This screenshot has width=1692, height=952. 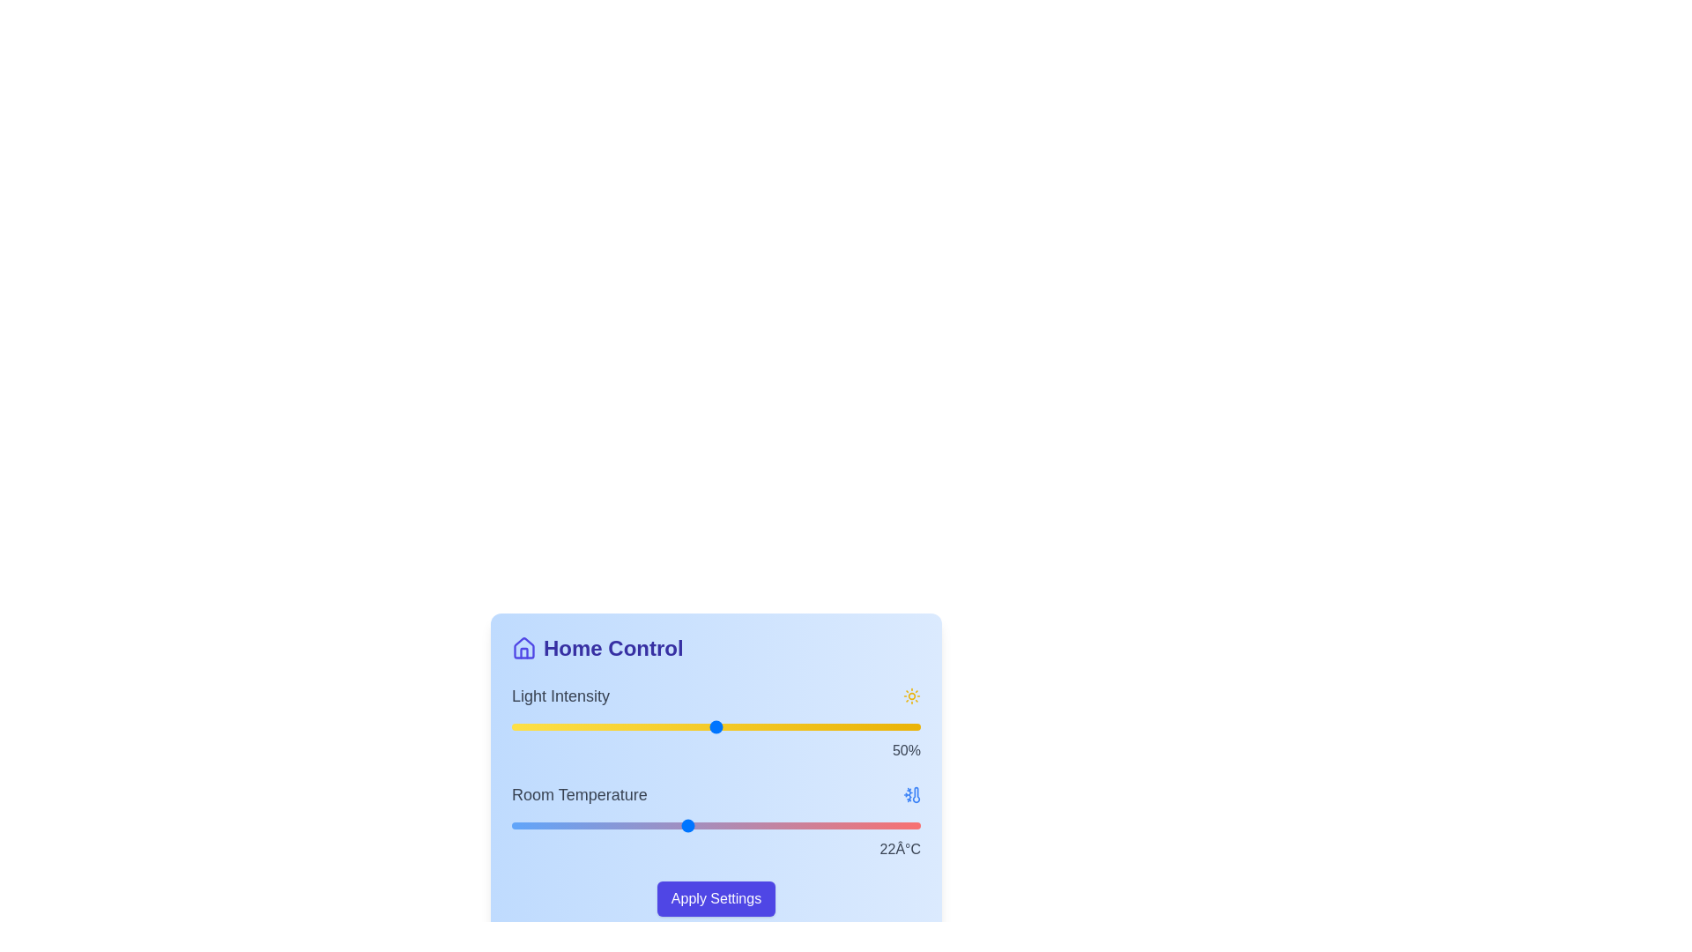 I want to click on the light intensity slider to 56%, so click(x=740, y=727).